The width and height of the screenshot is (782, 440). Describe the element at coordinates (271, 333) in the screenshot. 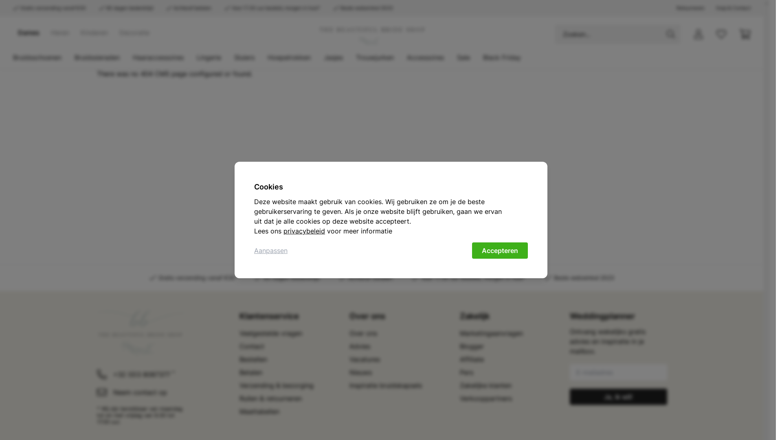

I see `'Veelgestelde vragen'` at that location.